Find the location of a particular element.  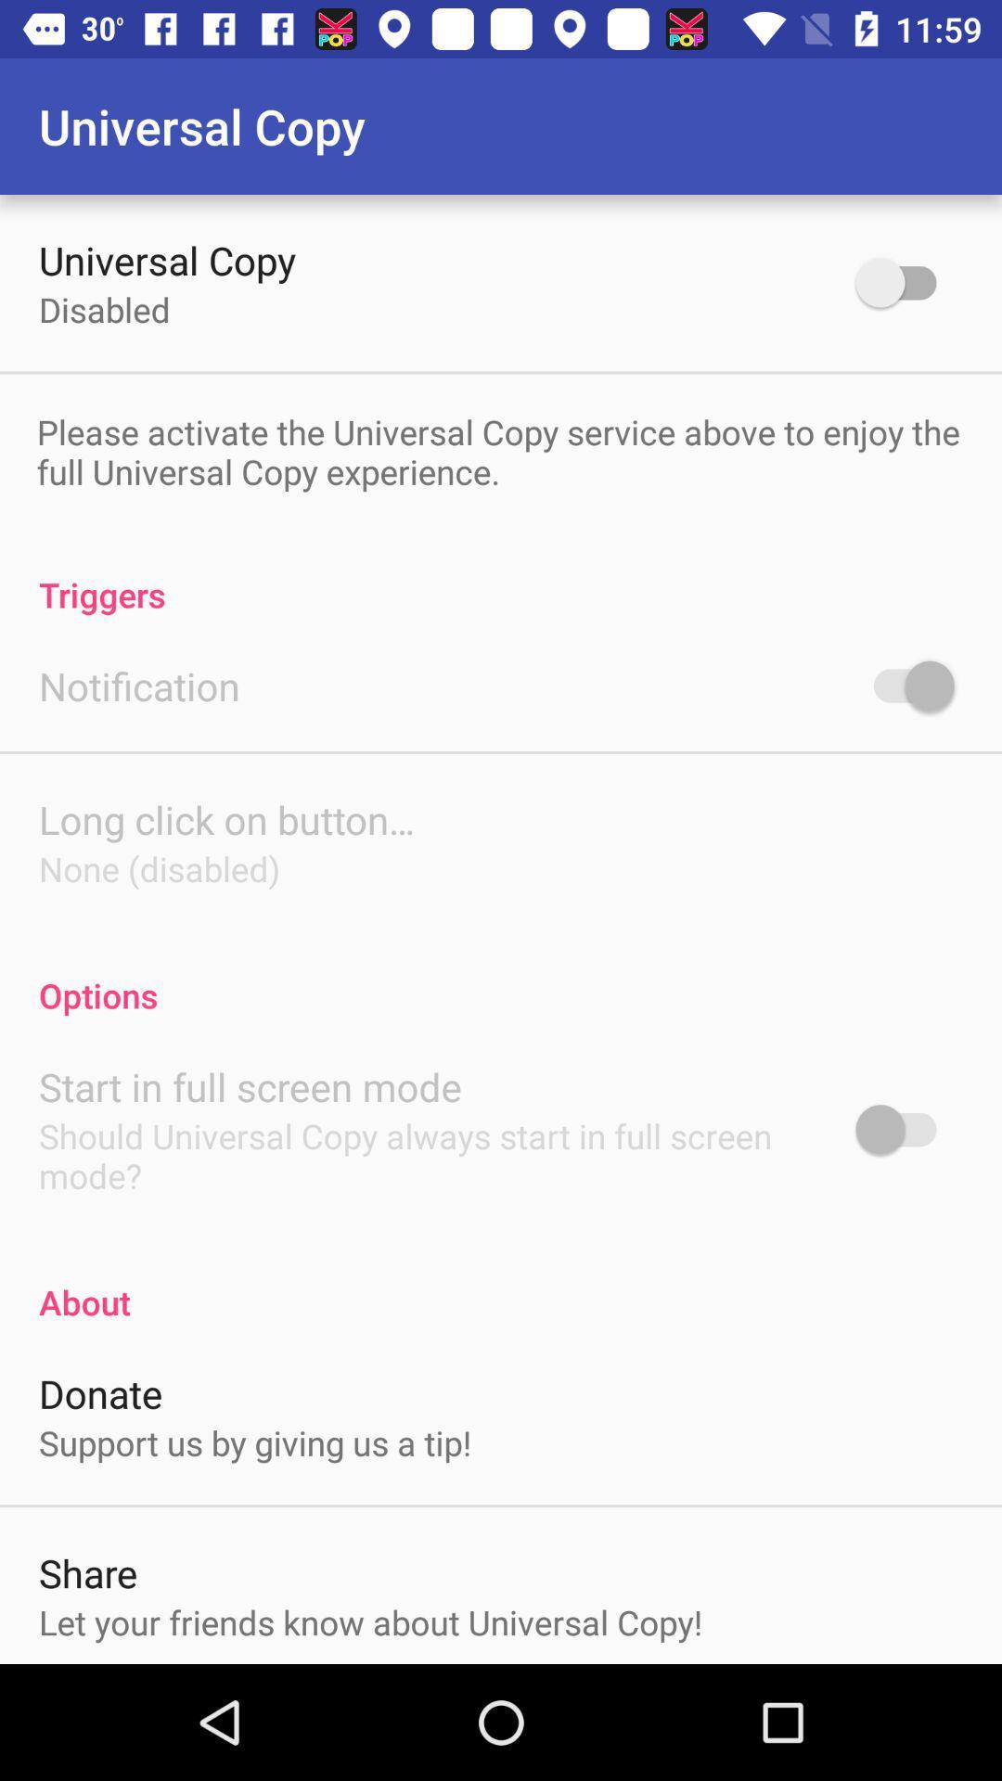

notification is located at coordinates (138, 685).